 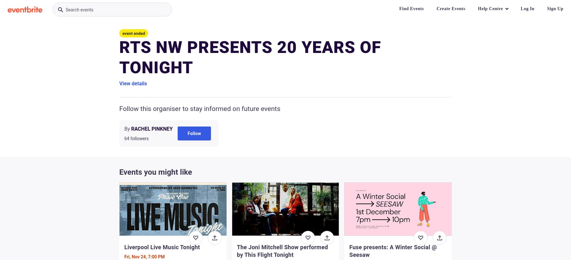 I want to click on 'RTS NW PRESENTS 20 YEARS OF TONIGHT', so click(x=250, y=57).